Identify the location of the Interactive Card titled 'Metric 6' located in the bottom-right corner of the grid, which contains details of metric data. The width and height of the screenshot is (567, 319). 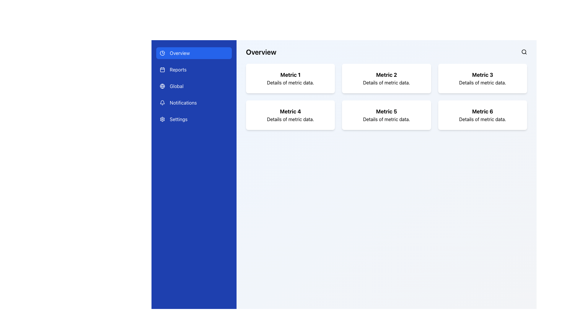
(482, 115).